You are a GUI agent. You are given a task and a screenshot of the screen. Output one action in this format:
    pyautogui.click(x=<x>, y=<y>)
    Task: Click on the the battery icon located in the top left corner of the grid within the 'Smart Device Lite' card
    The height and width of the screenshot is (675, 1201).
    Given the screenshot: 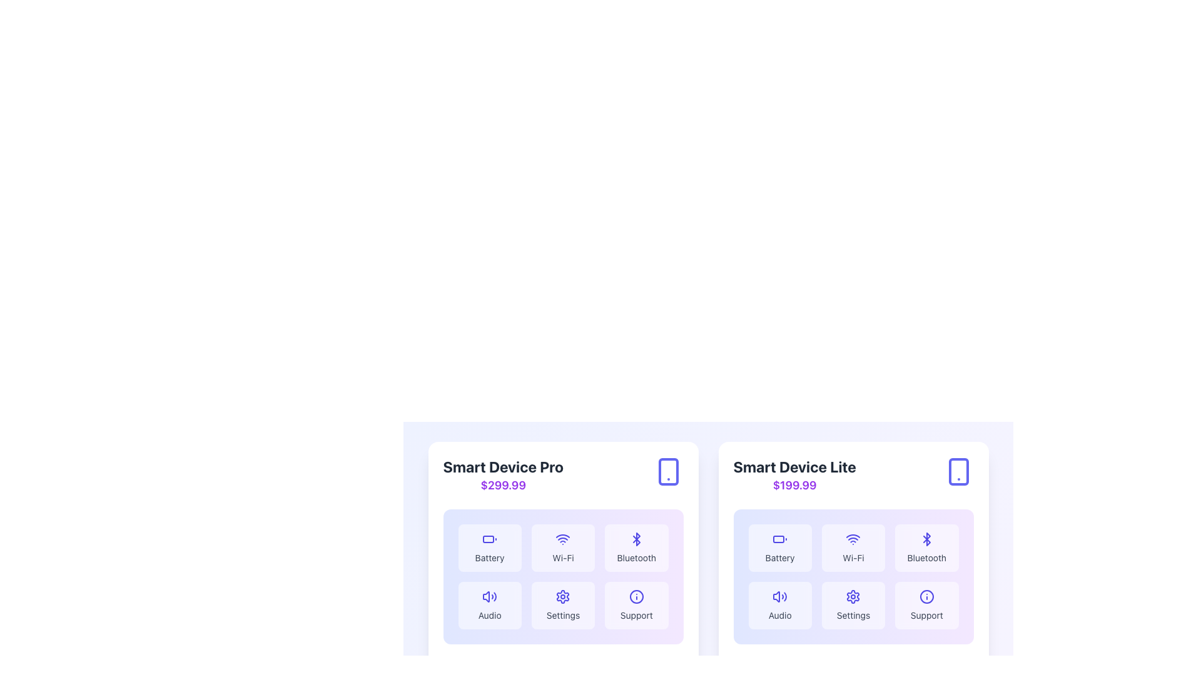 What is the action you would take?
    pyautogui.click(x=779, y=539)
    